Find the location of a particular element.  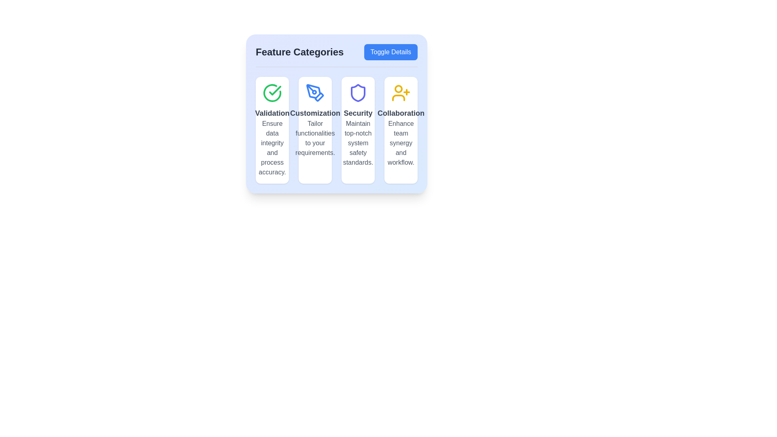

text label that emphasizes 'Collaboration', located as the header of the fourth card in the 'Feature Categories' grid layout is located at coordinates (401, 113).